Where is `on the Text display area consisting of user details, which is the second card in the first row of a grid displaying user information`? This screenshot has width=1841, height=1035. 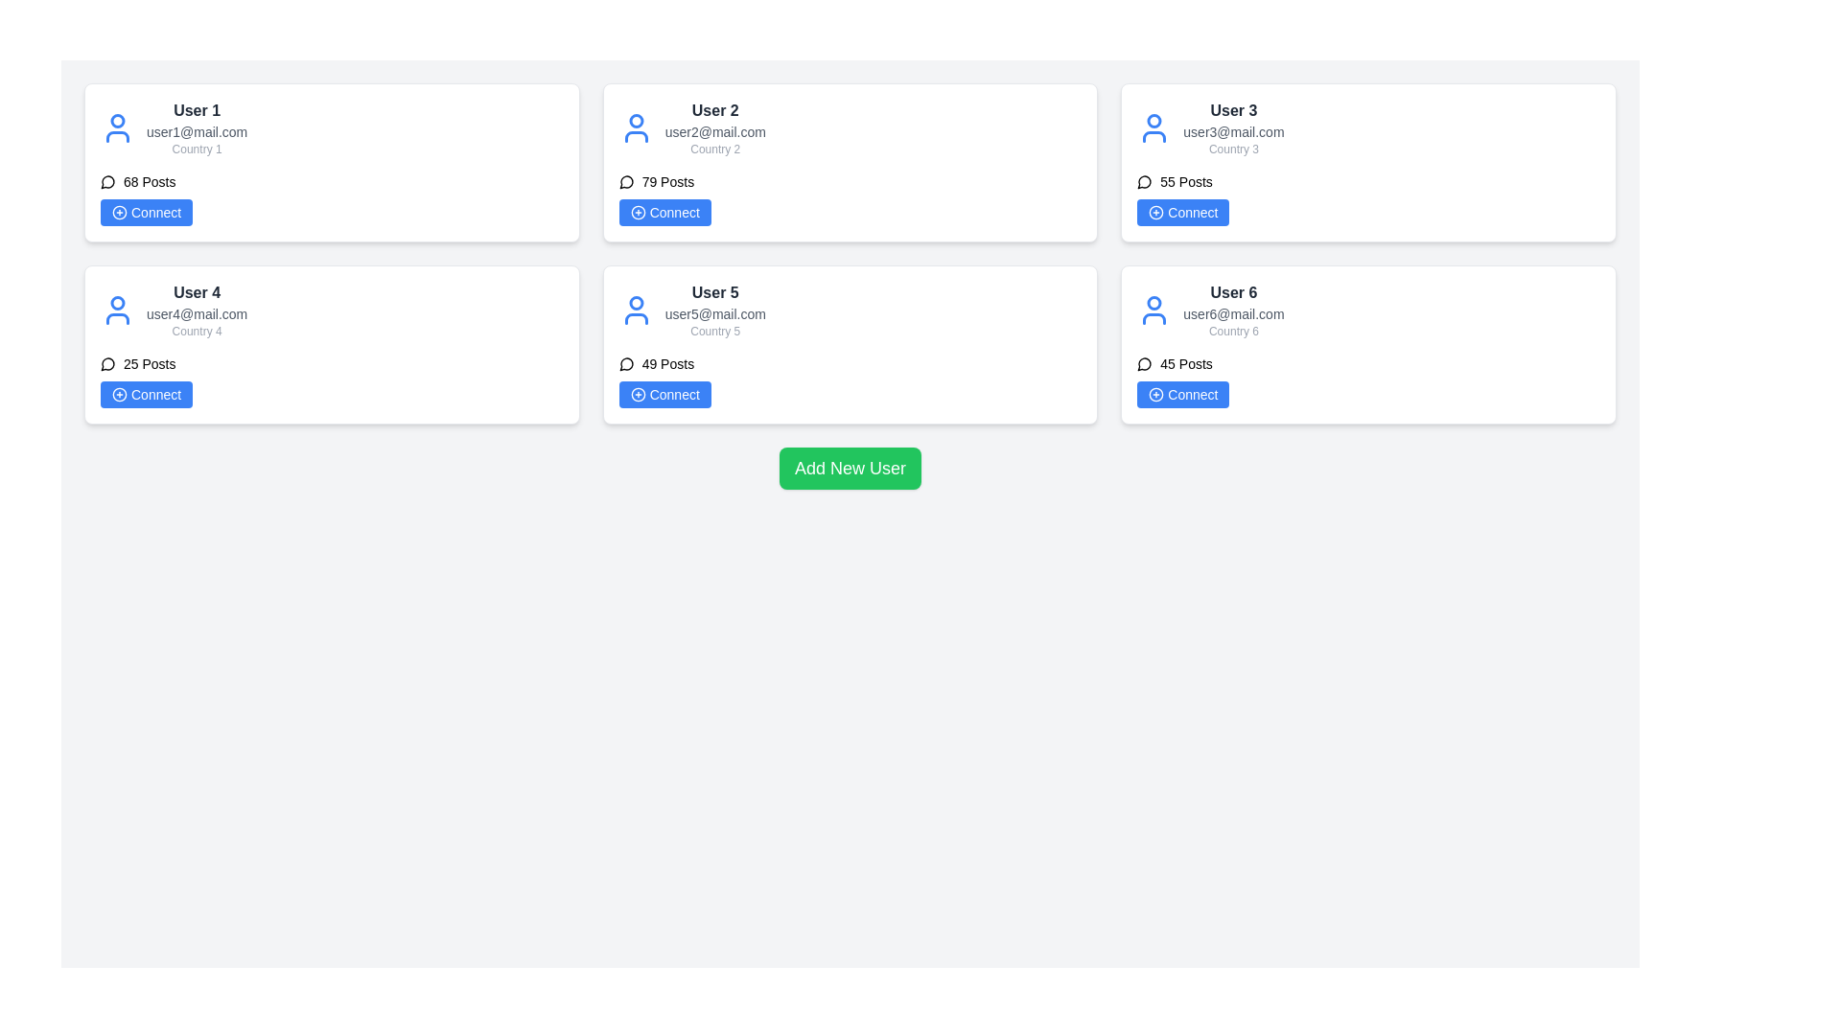
on the Text display area consisting of user details, which is the second card in the first row of a grid displaying user information is located at coordinates (714, 128).